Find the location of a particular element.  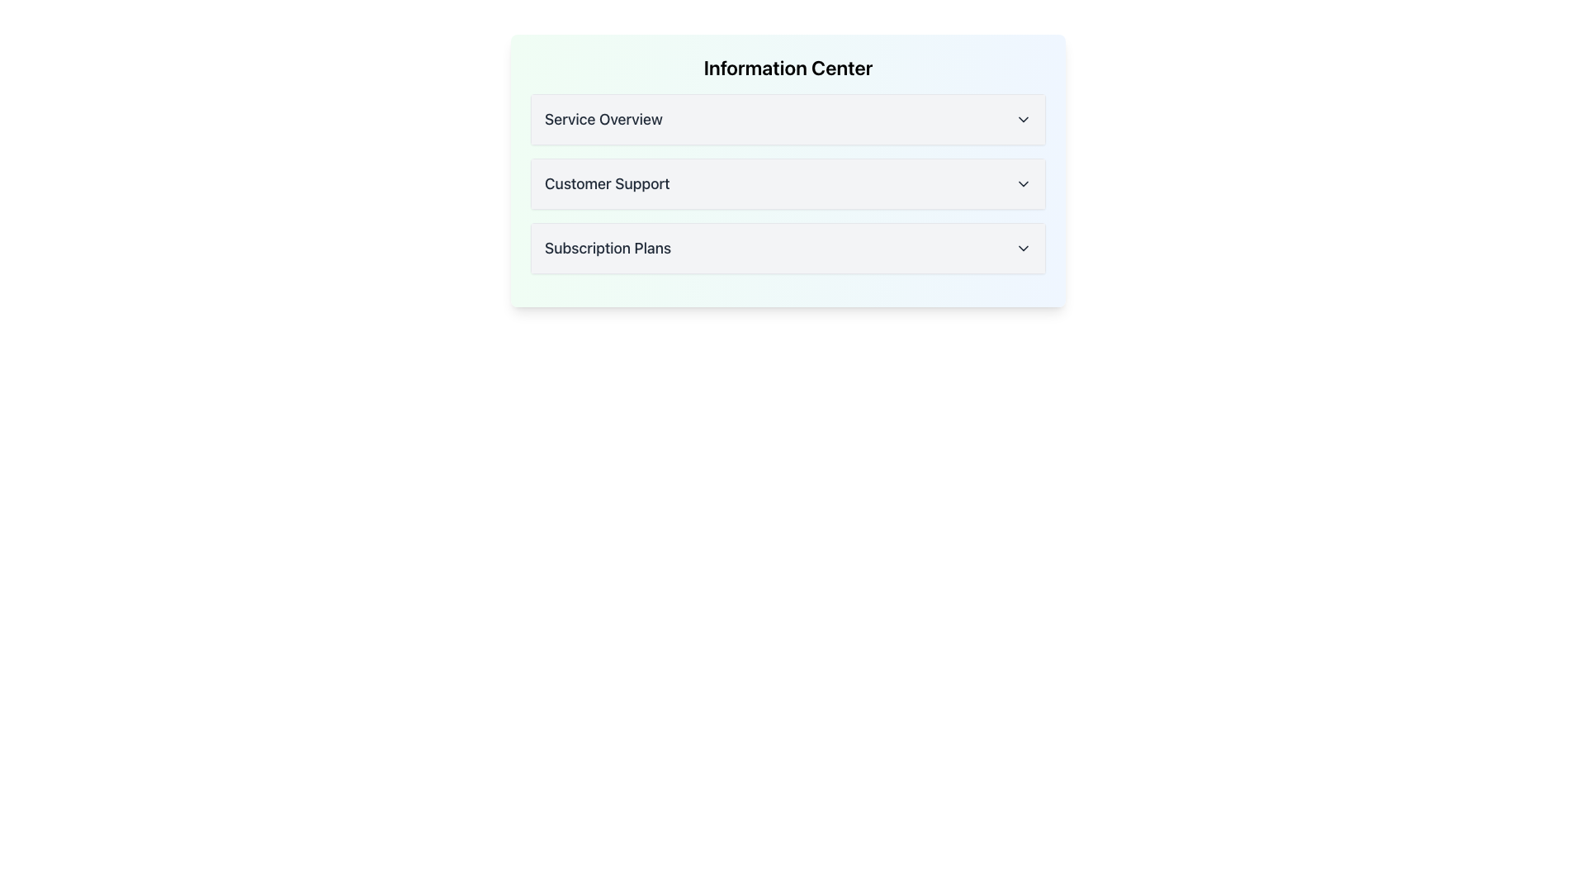

the 'Customer Support' Button located beneath 'Service Overview' and above 'Subscription Plans' is located at coordinates (788, 184).